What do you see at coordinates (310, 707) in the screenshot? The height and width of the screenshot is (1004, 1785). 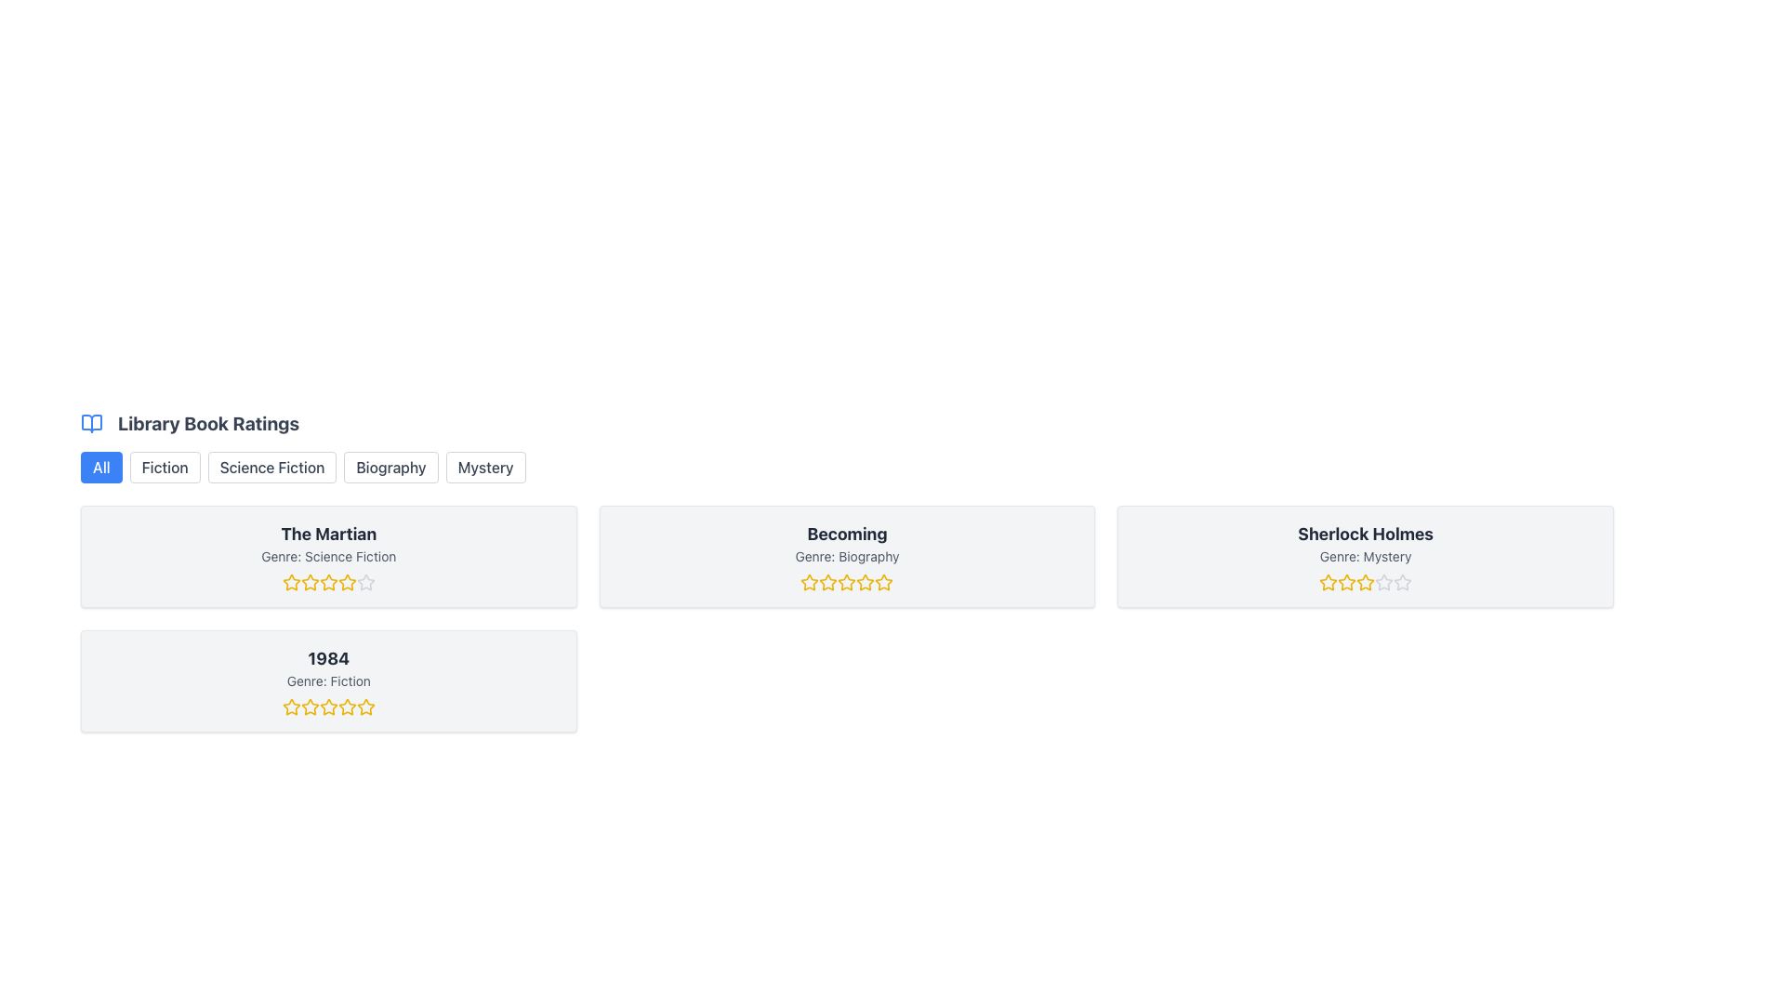 I see `the third rating star icon with a yellow fill beneath the title '1984' to rate the book` at bounding box center [310, 707].